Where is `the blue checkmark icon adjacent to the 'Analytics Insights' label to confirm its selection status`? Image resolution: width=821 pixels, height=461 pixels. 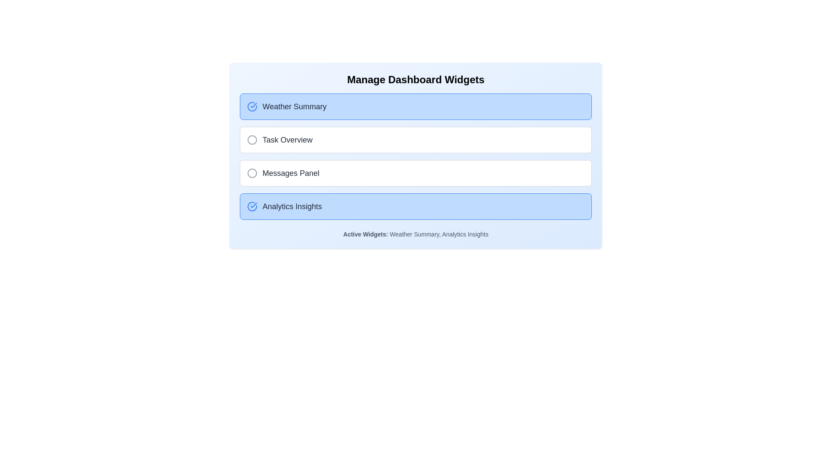 the blue checkmark icon adjacent to the 'Analytics Insights' label to confirm its selection status is located at coordinates (253, 105).